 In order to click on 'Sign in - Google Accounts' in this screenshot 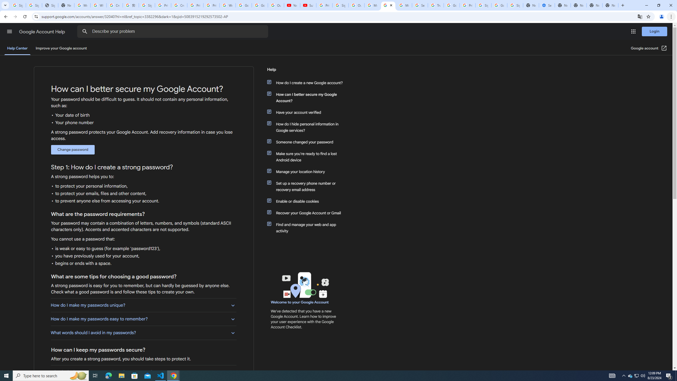, I will do `click(483, 5)`.